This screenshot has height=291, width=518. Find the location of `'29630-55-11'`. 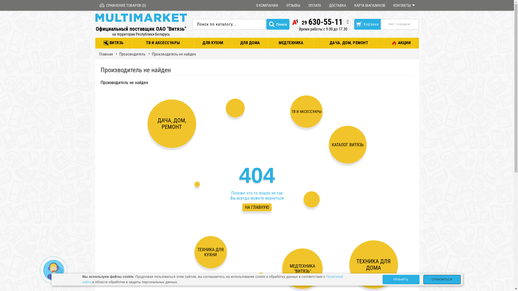

'29630-55-11' is located at coordinates (317, 22).